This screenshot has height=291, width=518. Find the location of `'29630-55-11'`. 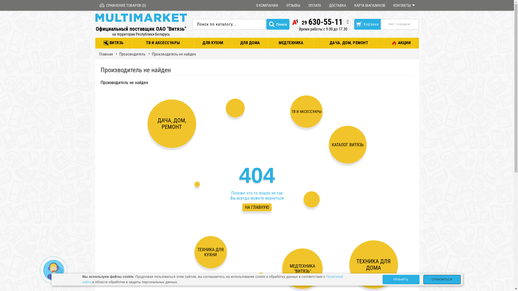

'29630-55-11' is located at coordinates (317, 22).